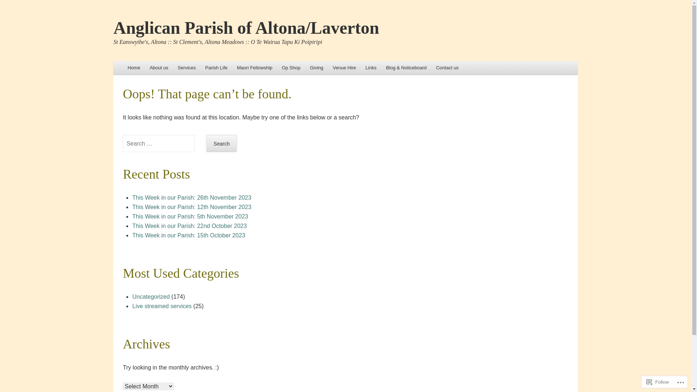  I want to click on 'This Week in our Parish: 22nd October 2023', so click(189, 225).